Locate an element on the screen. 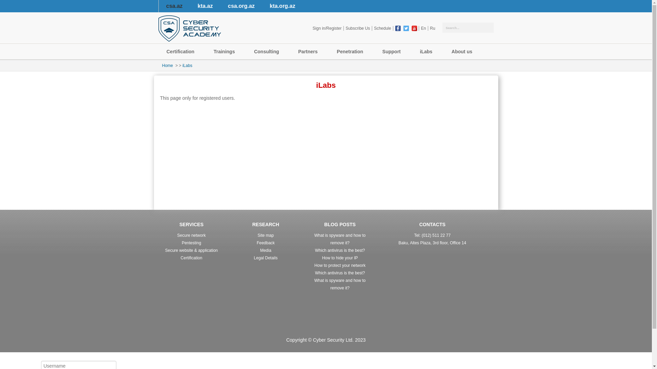 The image size is (657, 369). 'Trainings' is located at coordinates (205, 51).